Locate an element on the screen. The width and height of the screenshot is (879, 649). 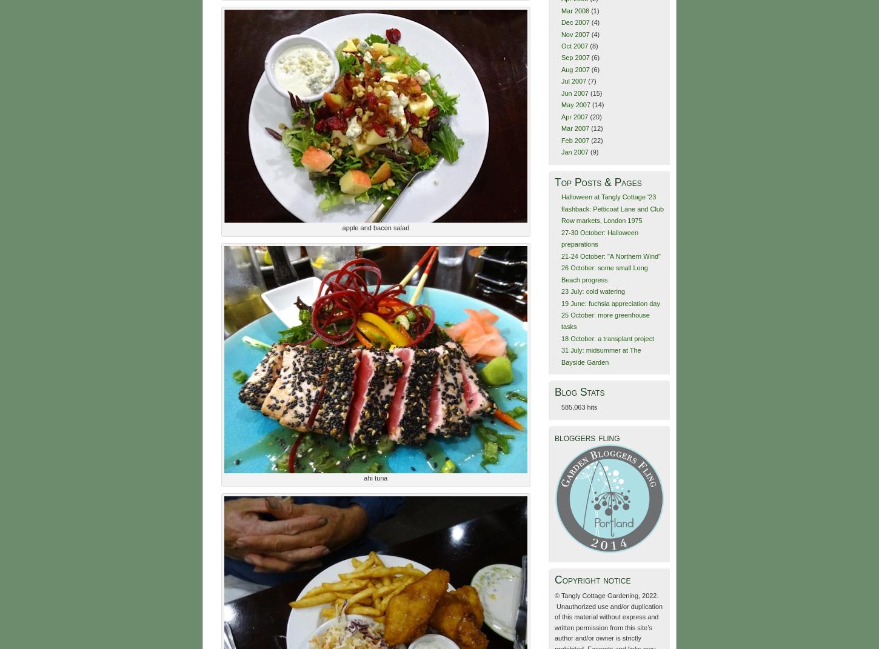
'Oct 2007' is located at coordinates (573, 44).